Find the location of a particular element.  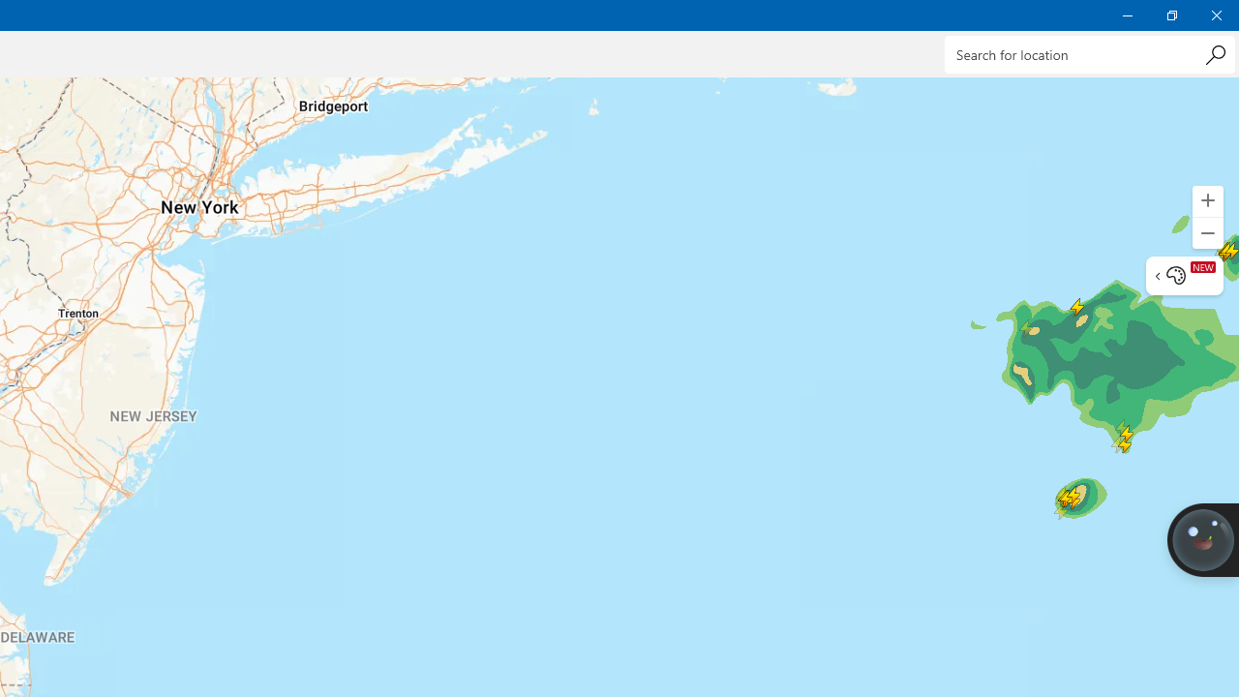

'Search' is located at coordinates (1214, 53).